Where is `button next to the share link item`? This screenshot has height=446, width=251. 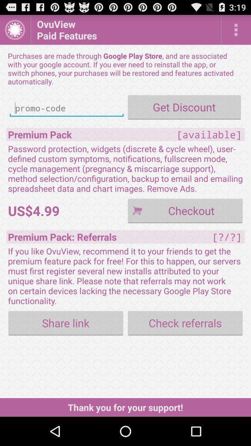
button next to the share link item is located at coordinates (185, 323).